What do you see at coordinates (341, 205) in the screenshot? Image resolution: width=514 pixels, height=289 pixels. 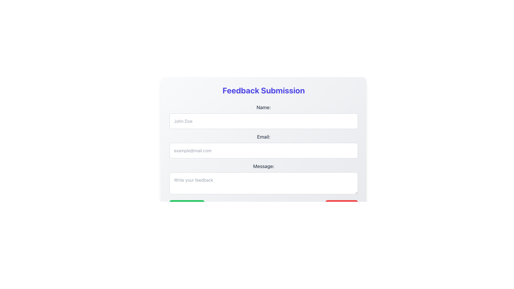 I see `the reset button located at the bottom-right corner of the form to clear user inputs and restore default state` at bounding box center [341, 205].